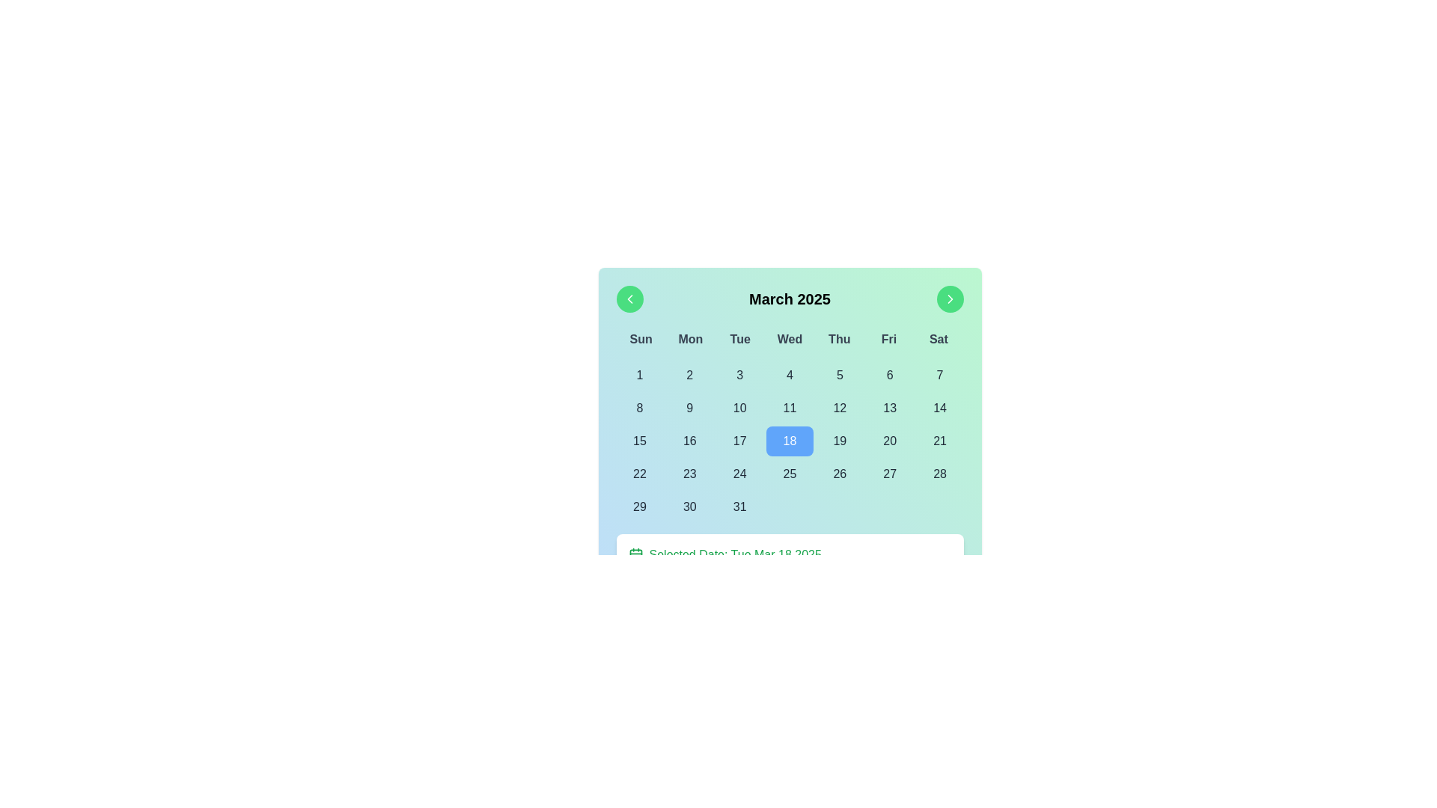  I want to click on the static text label that displays the current month and year in the calendar, located centrally among navigation buttons, so click(789, 299).